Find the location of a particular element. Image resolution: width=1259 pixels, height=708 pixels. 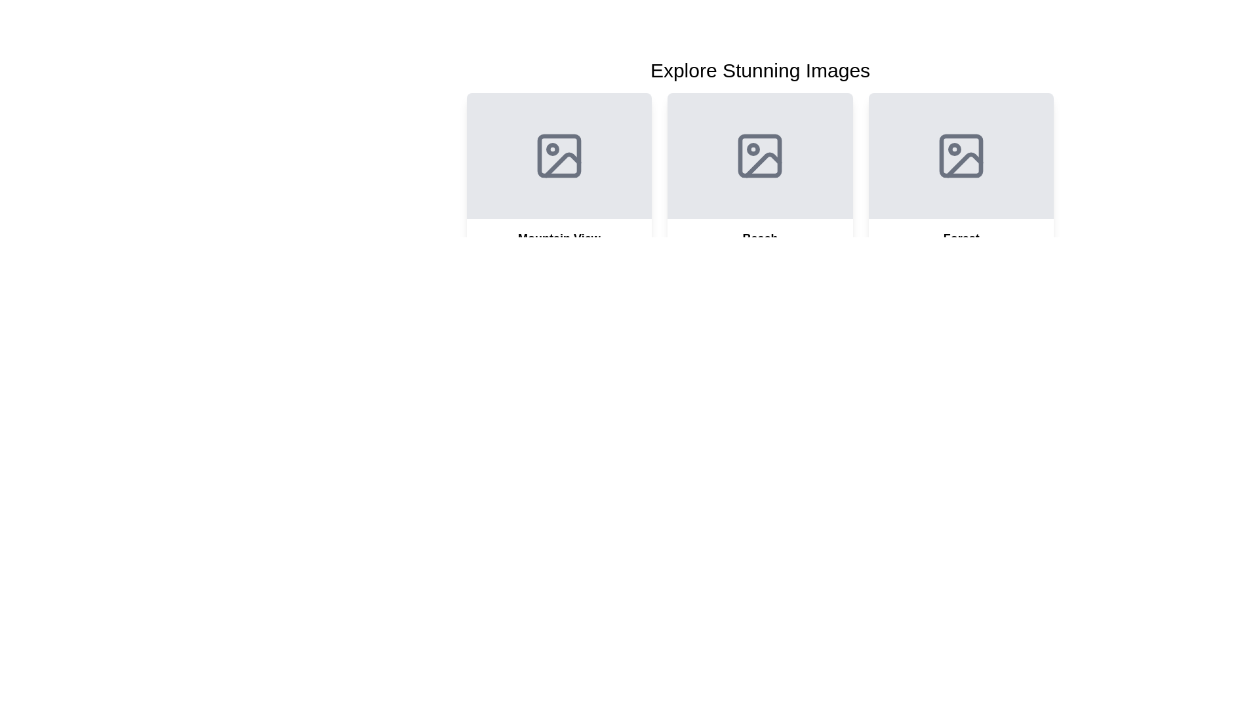

the background square element in the 'Forest' icon located in the third column of image cards is located at coordinates (961, 155).